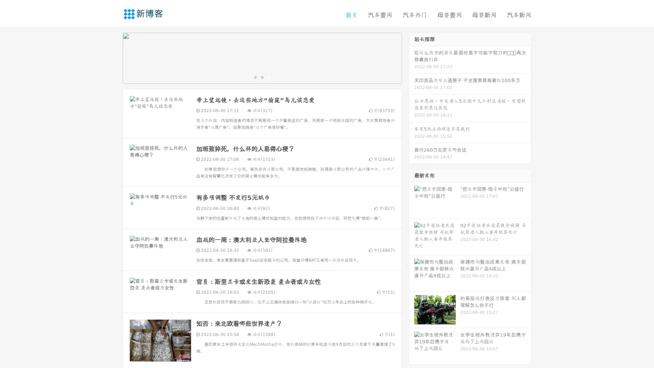  I want to click on Go to slide 2, so click(262, 77).